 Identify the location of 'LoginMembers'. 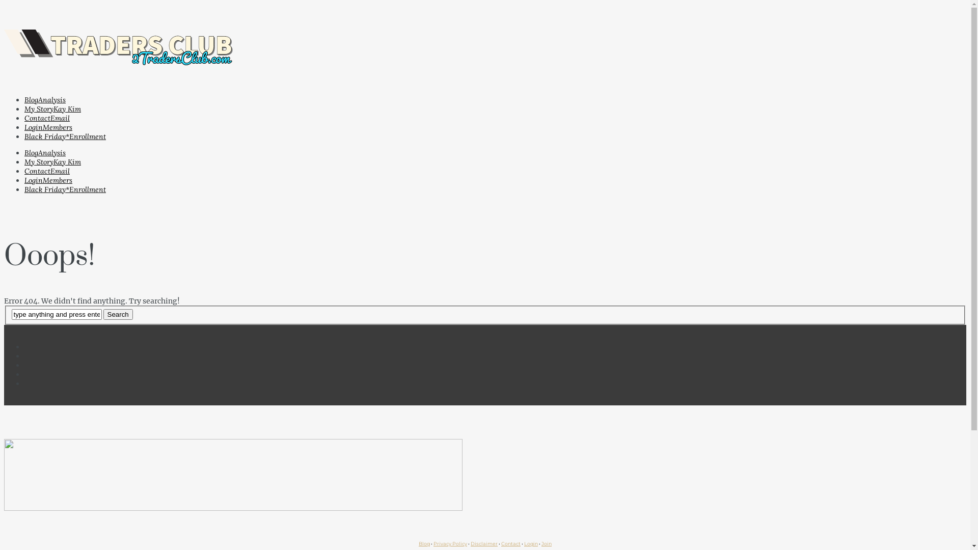
(48, 126).